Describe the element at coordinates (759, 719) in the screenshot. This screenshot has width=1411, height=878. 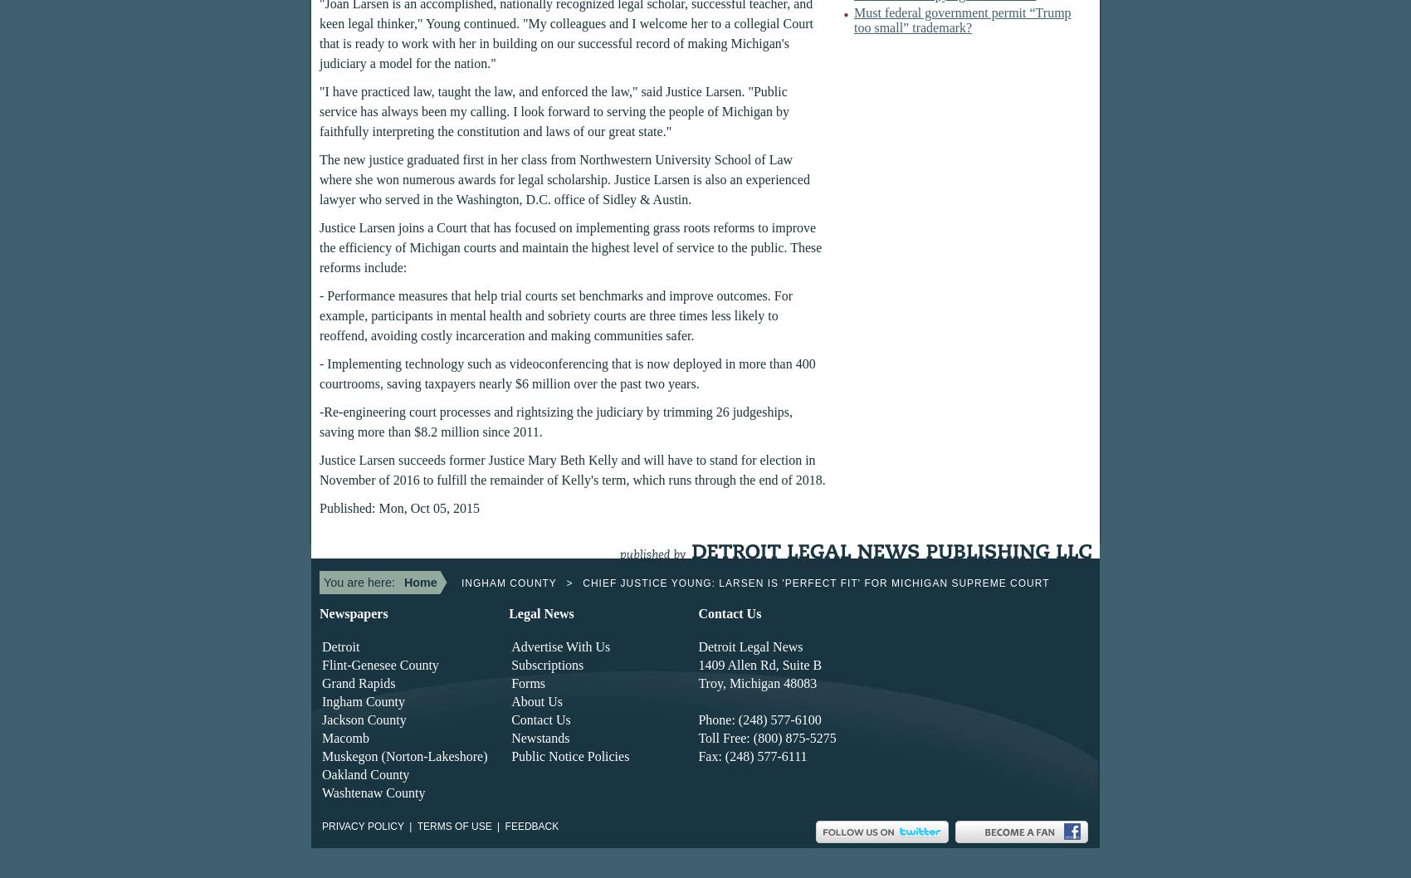
I see `'Phone: (248) 577-6100'` at that location.